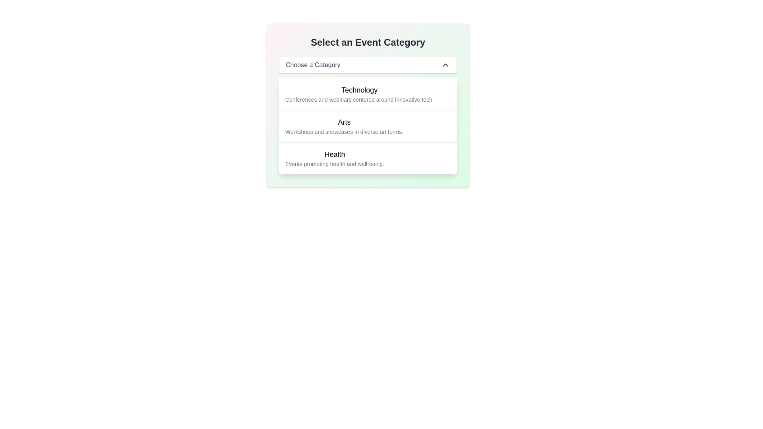 This screenshot has width=763, height=429. What do you see at coordinates (359, 99) in the screenshot?
I see `the Text description located directly below the title 'Technology', which provides additional information related to the category 'Technology'` at bounding box center [359, 99].